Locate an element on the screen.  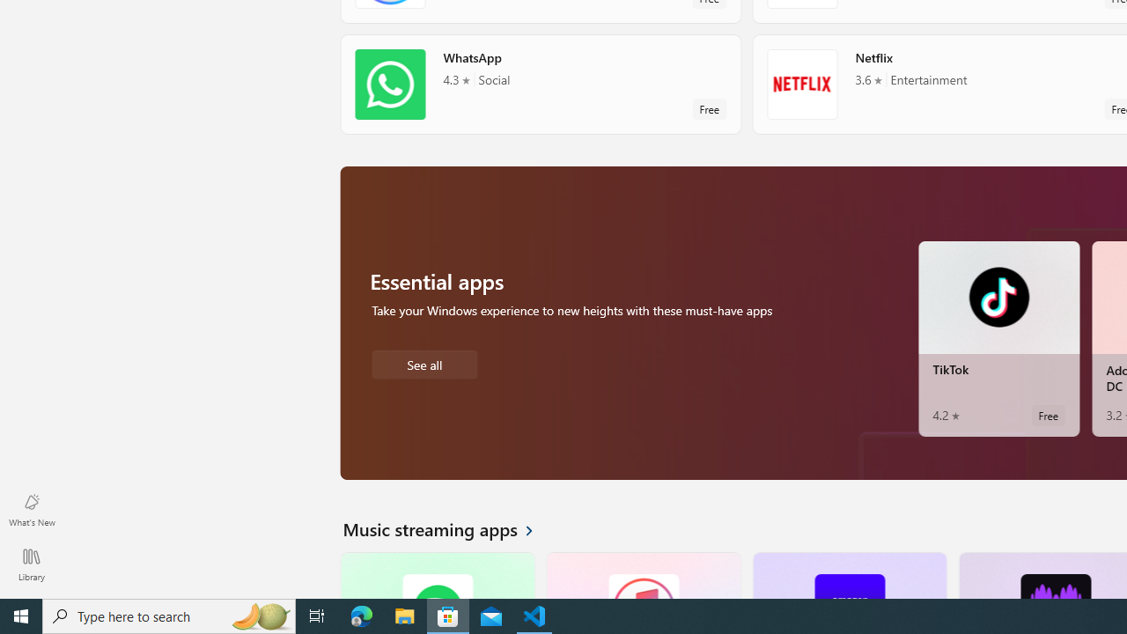
'WhatsApp. Average rating of 4.3 out of five stars. Free  ' is located at coordinates (540, 84).